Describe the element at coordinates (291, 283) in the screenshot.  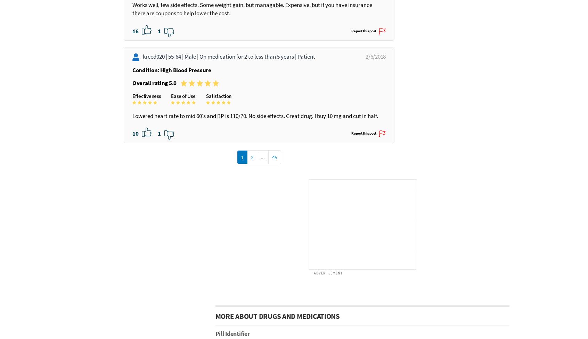
I see `'Symptoms of oHCM'` at that location.